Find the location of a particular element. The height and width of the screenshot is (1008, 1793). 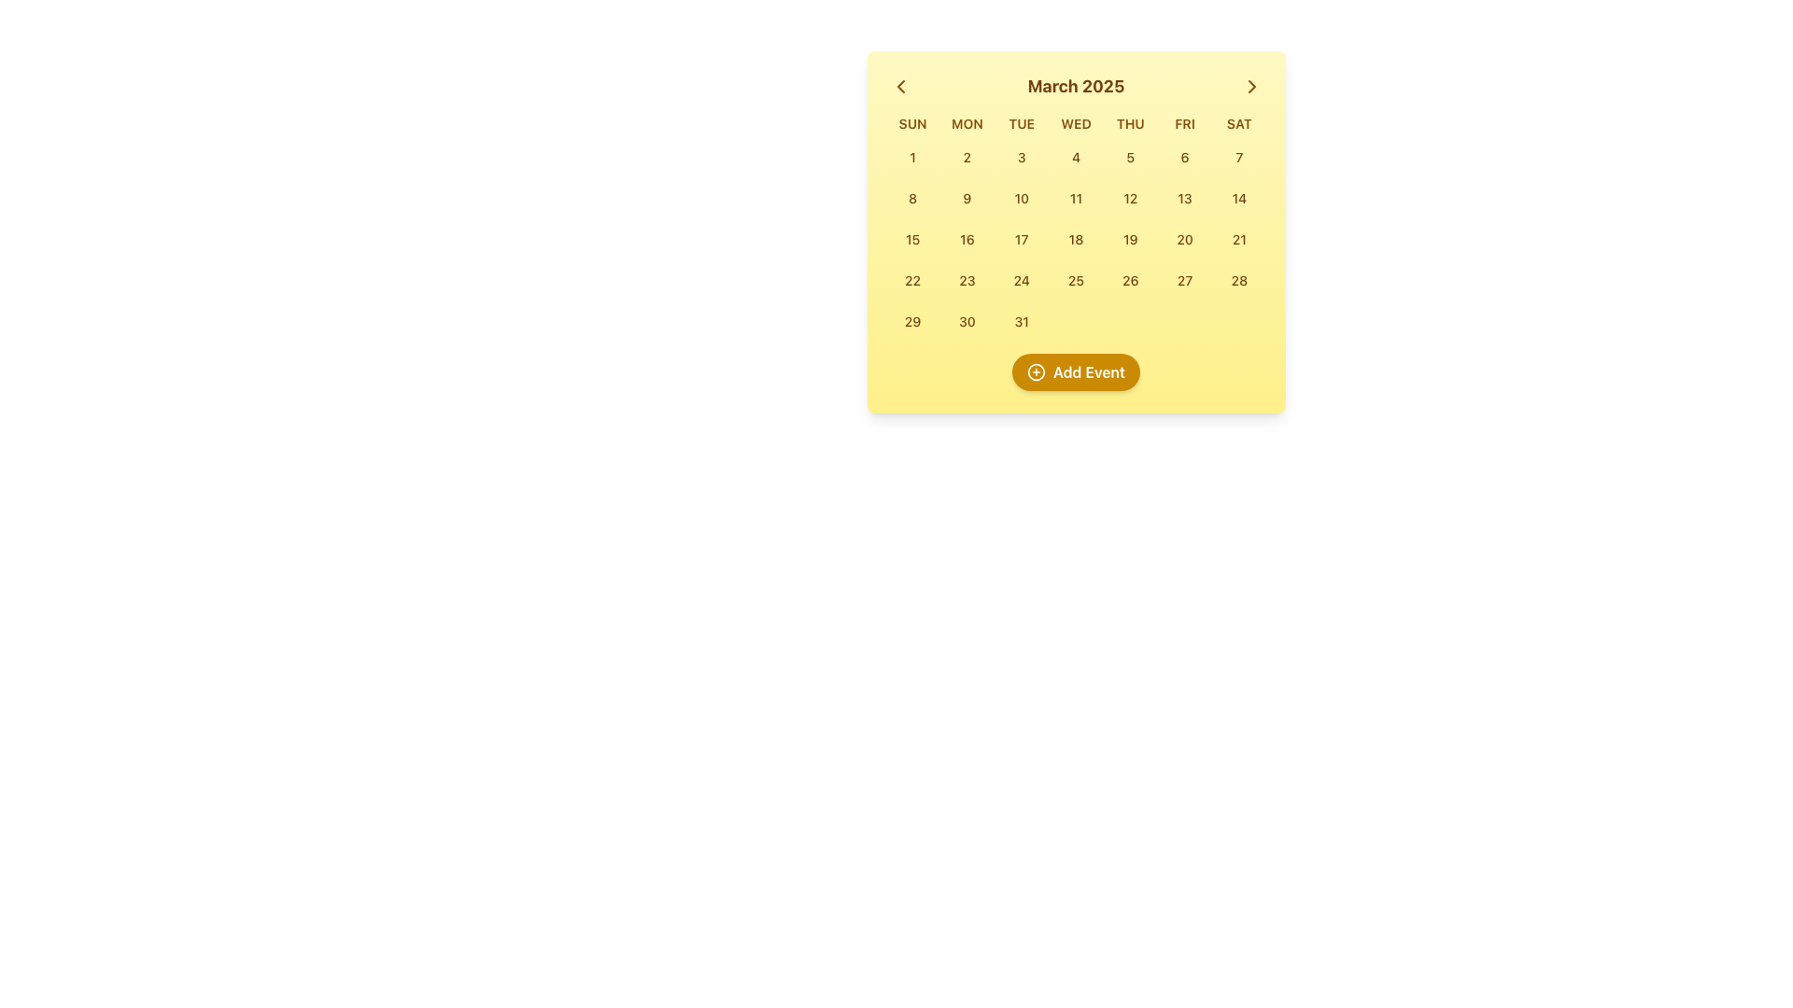

the Text element representing day 17 in the calendar grid is located at coordinates (1021, 238).